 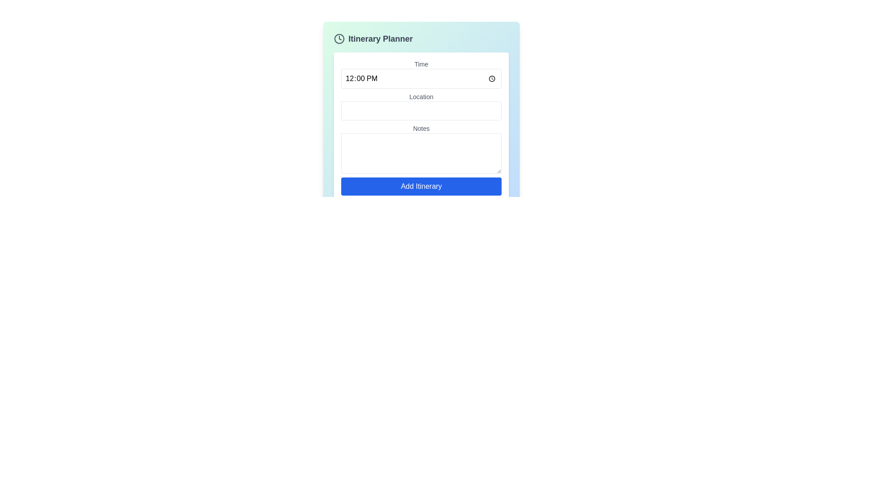 What do you see at coordinates (338, 38) in the screenshot?
I see `the clock icon with a circular outline and clock hands, located to the left of the 'Itinerary Planner' title in the header section` at bounding box center [338, 38].